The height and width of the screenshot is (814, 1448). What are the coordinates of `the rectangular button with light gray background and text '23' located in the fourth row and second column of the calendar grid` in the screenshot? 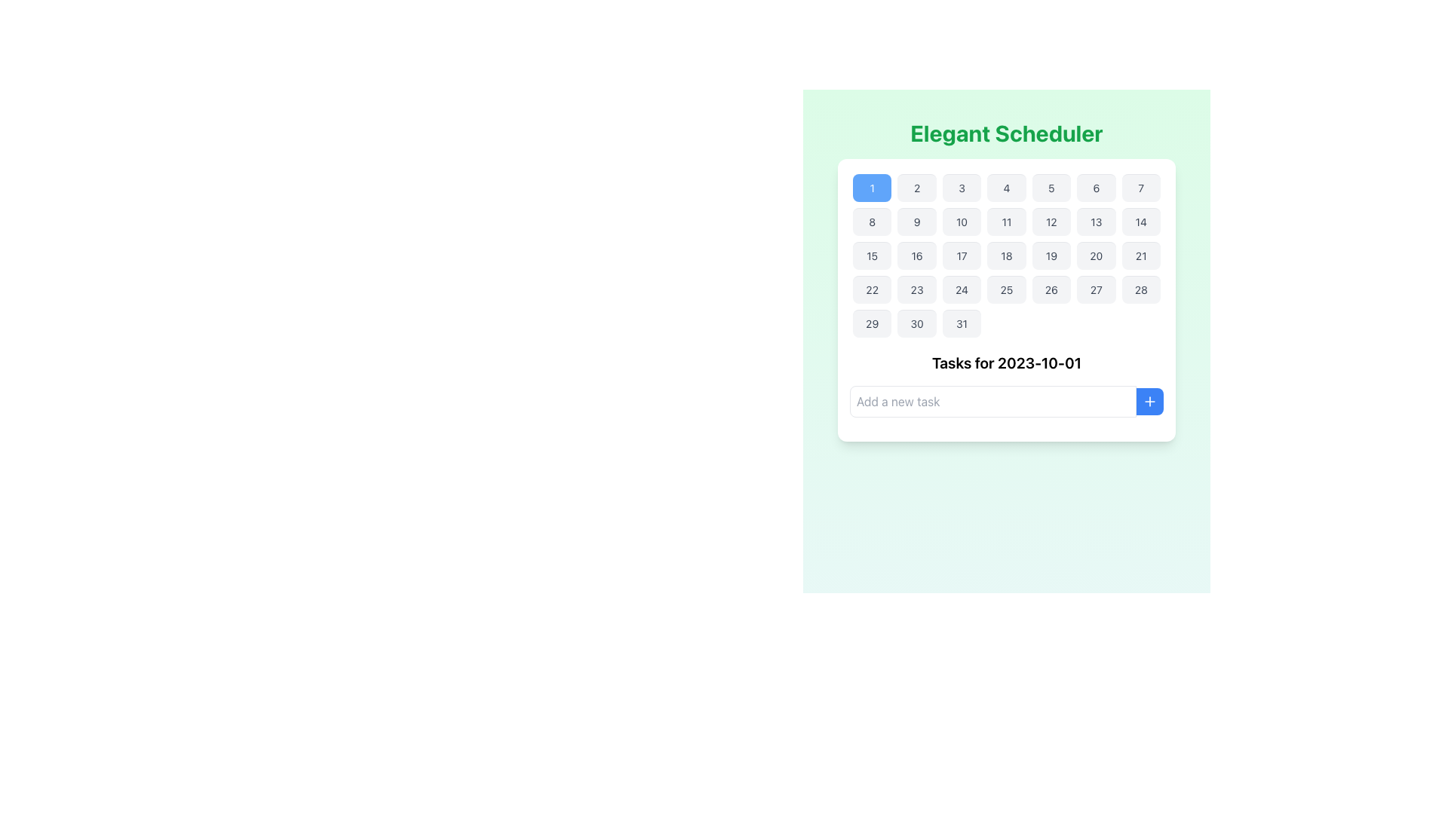 It's located at (916, 289).